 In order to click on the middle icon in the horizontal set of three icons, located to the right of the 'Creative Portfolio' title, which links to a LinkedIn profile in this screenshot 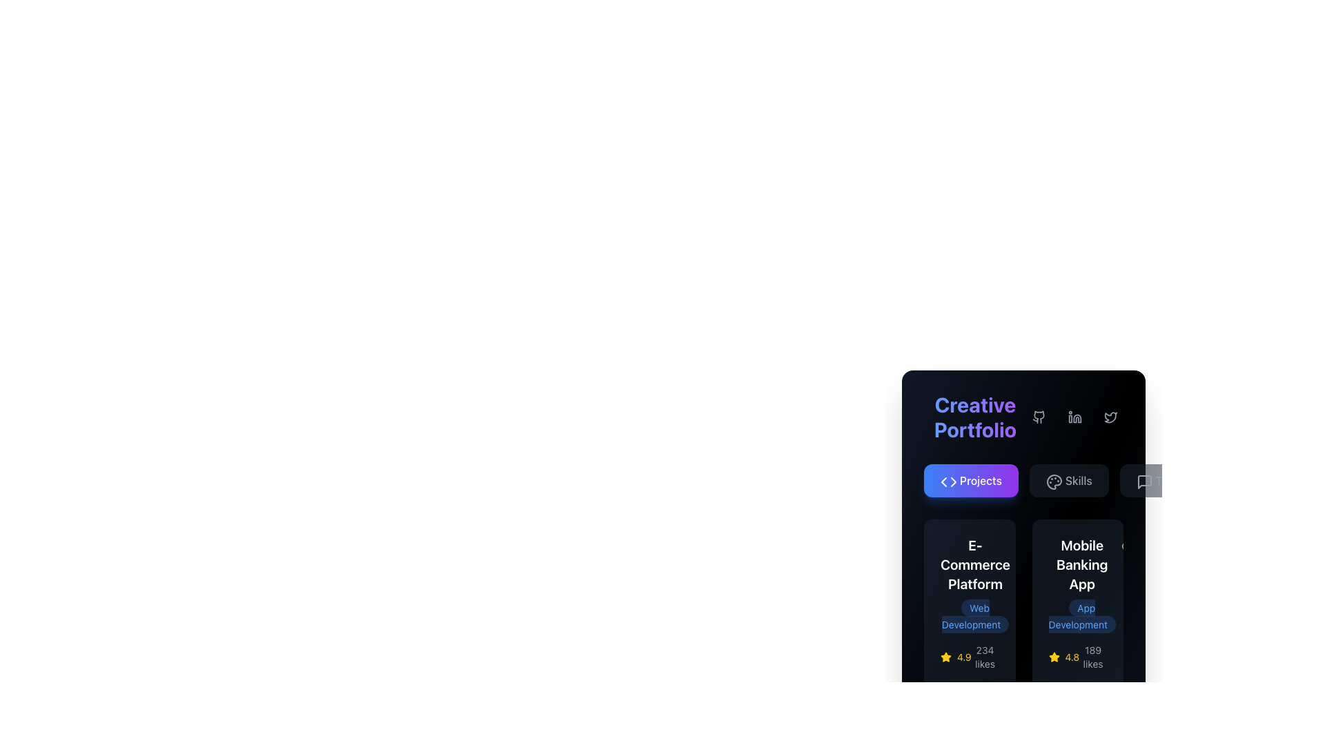, I will do `click(1074, 417)`.